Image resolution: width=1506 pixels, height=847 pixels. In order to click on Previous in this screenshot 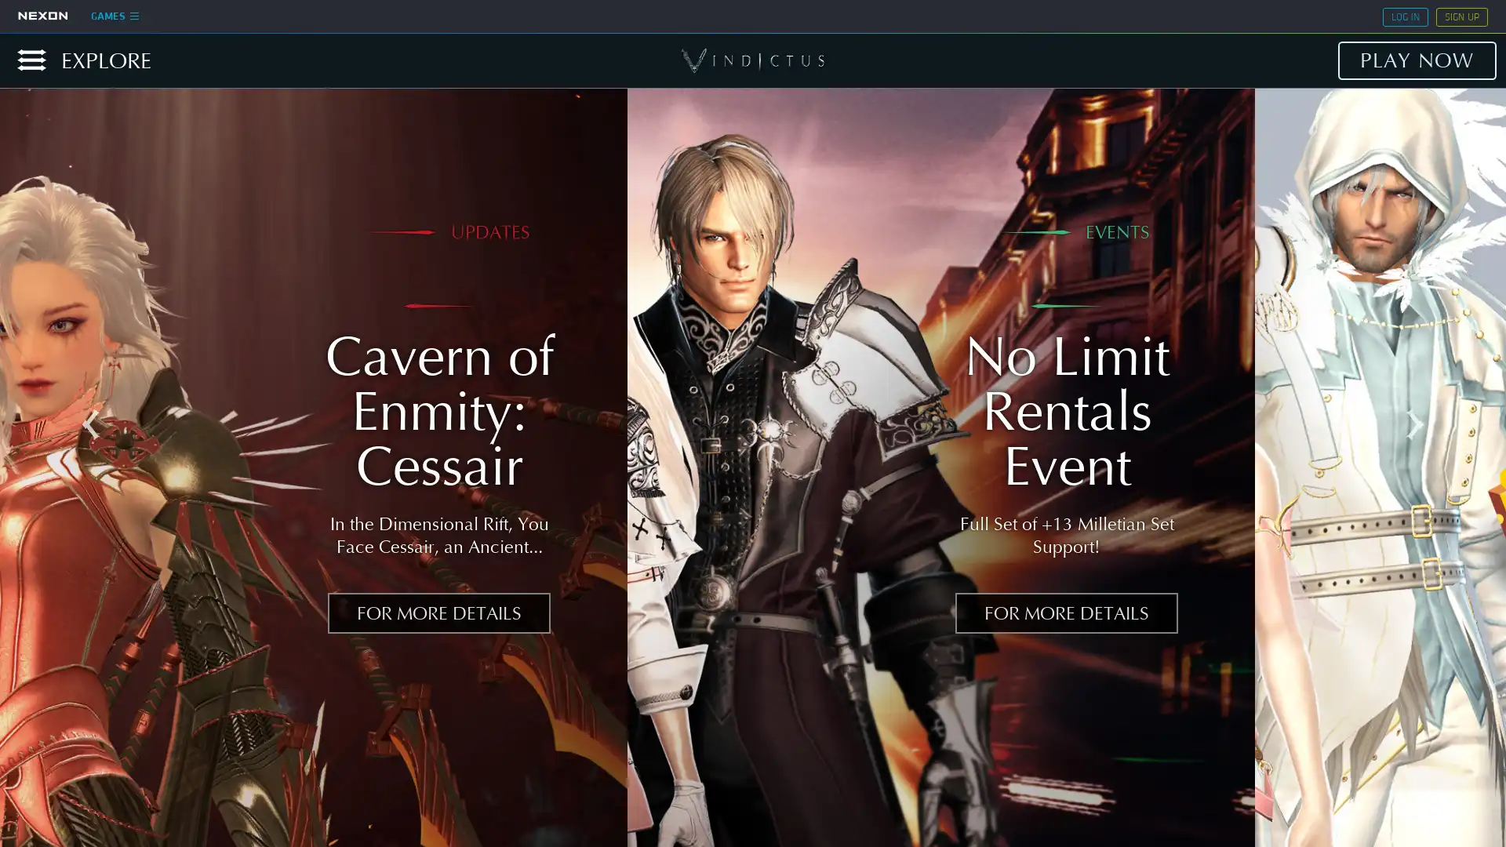, I will do `click(89, 425)`.